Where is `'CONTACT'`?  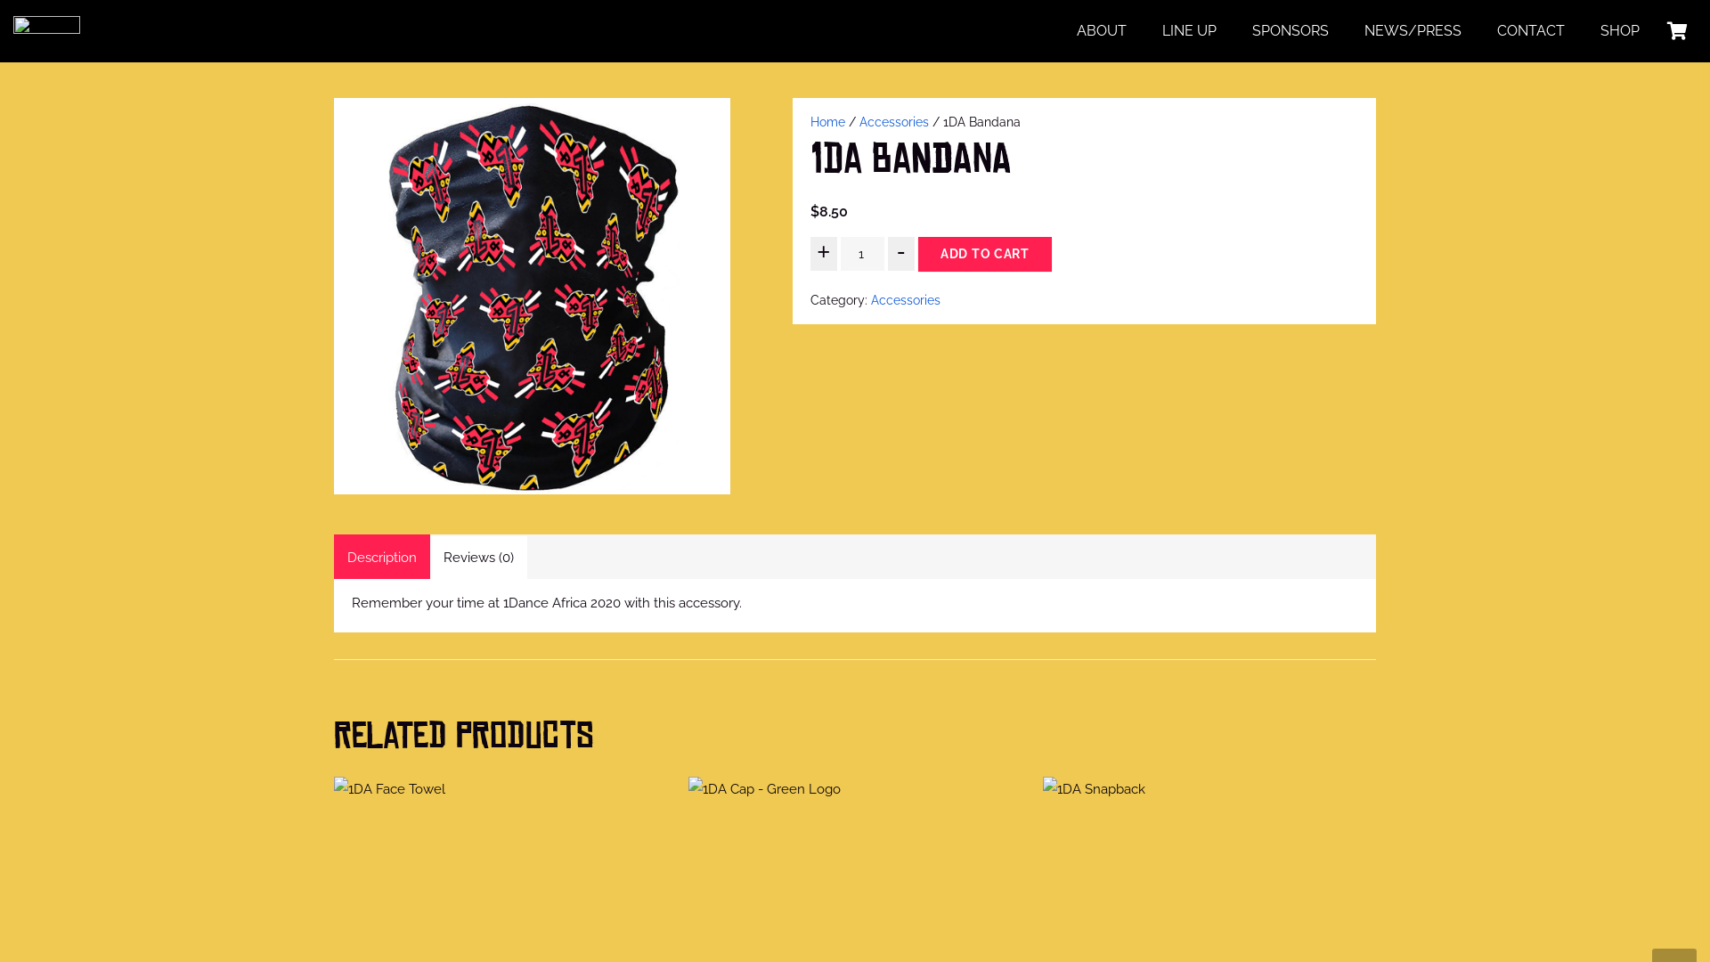 'CONTACT' is located at coordinates (1529, 30).